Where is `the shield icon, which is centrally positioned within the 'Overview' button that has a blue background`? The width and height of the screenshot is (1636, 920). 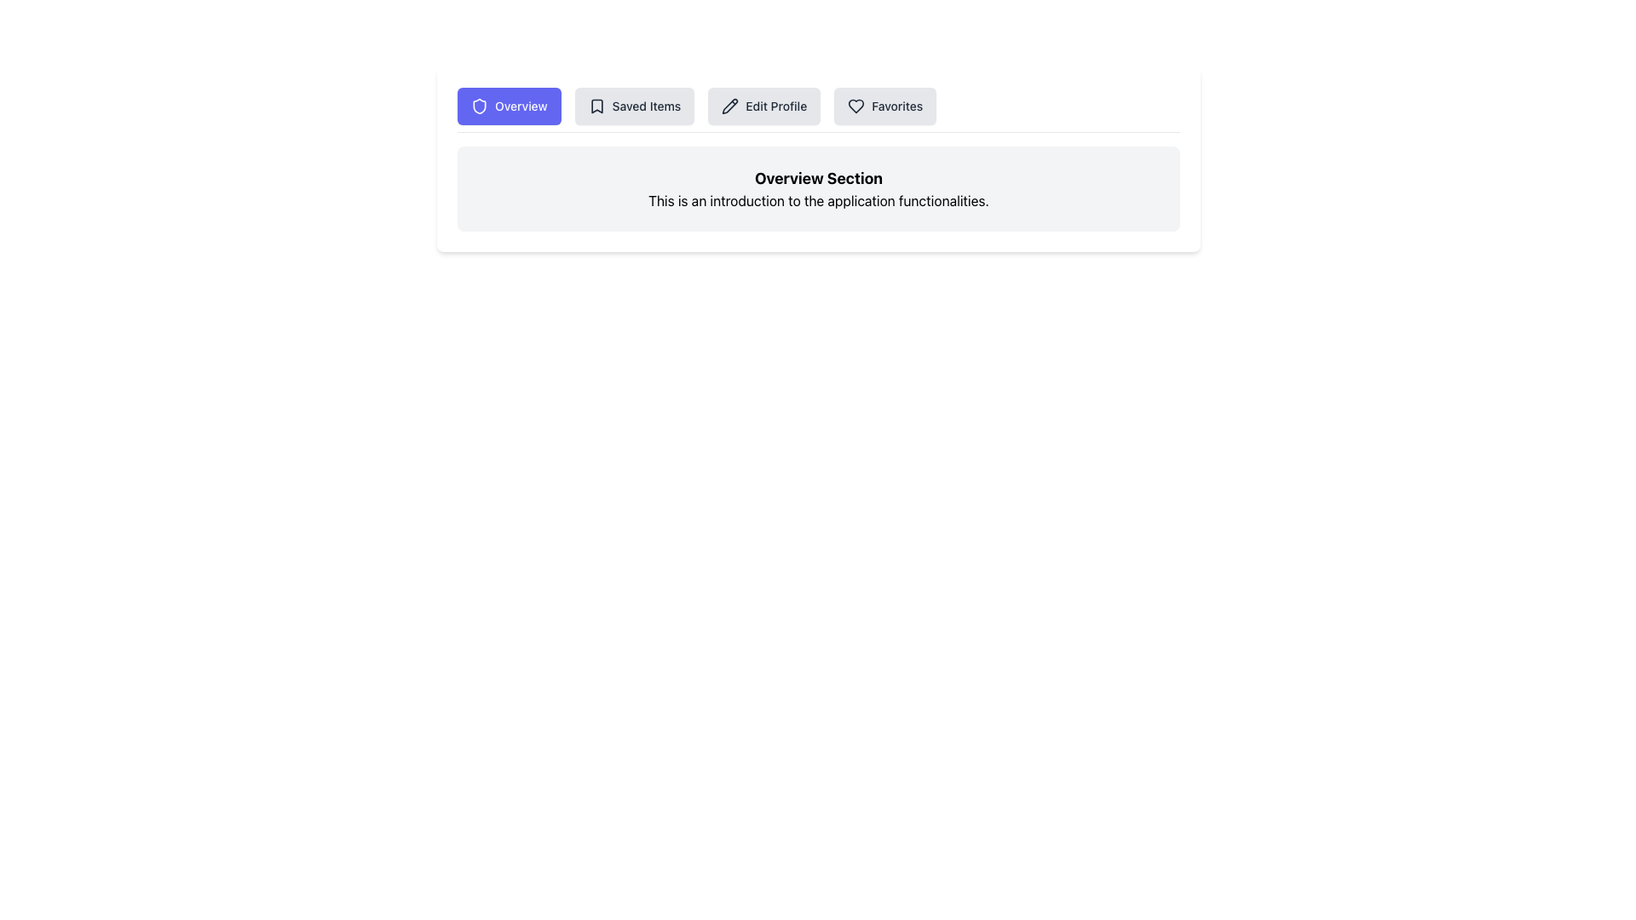
the shield icon, which is centrally positioned within the 'Overview' button that has a blue background is located at coordinates (478, 106).